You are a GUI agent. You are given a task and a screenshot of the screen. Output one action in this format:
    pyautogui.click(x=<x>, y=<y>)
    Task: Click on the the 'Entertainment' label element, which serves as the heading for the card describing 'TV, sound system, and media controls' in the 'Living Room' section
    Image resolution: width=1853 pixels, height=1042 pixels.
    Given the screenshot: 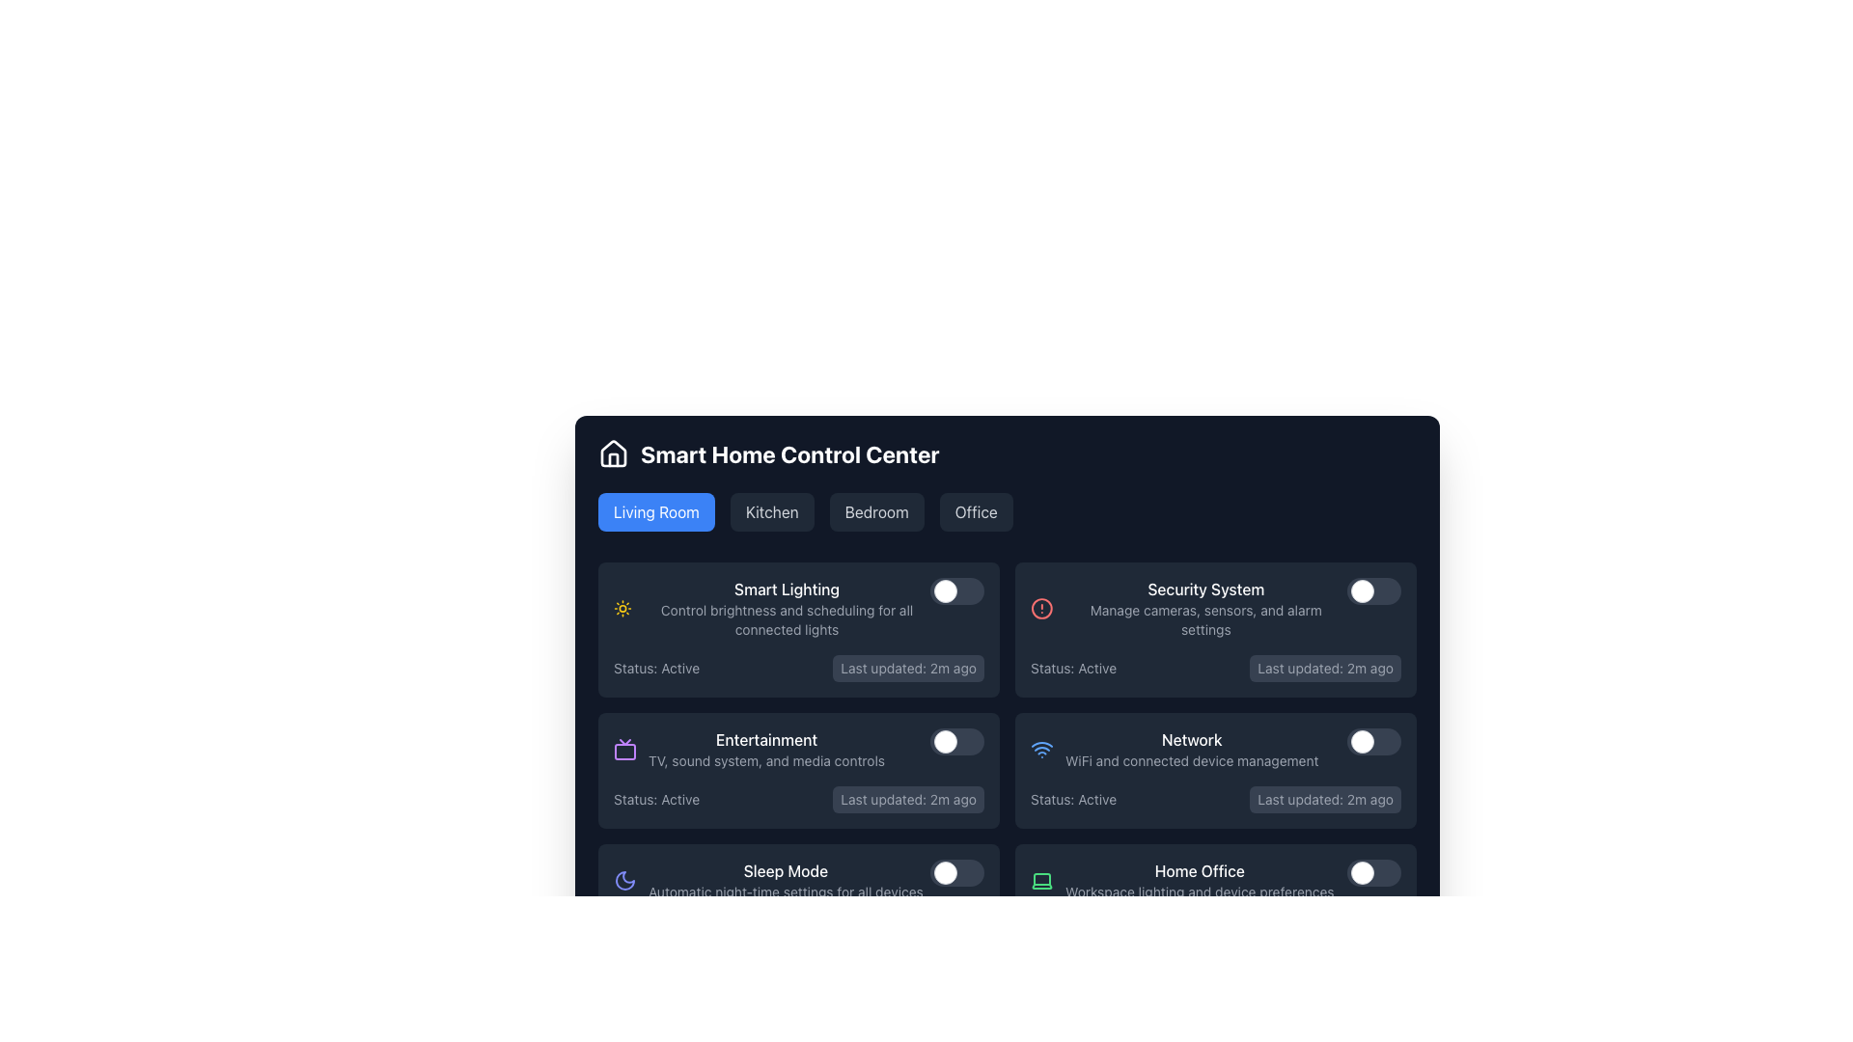 What is the action you would take?
    pyautogui.click(x=765, y=739)
    